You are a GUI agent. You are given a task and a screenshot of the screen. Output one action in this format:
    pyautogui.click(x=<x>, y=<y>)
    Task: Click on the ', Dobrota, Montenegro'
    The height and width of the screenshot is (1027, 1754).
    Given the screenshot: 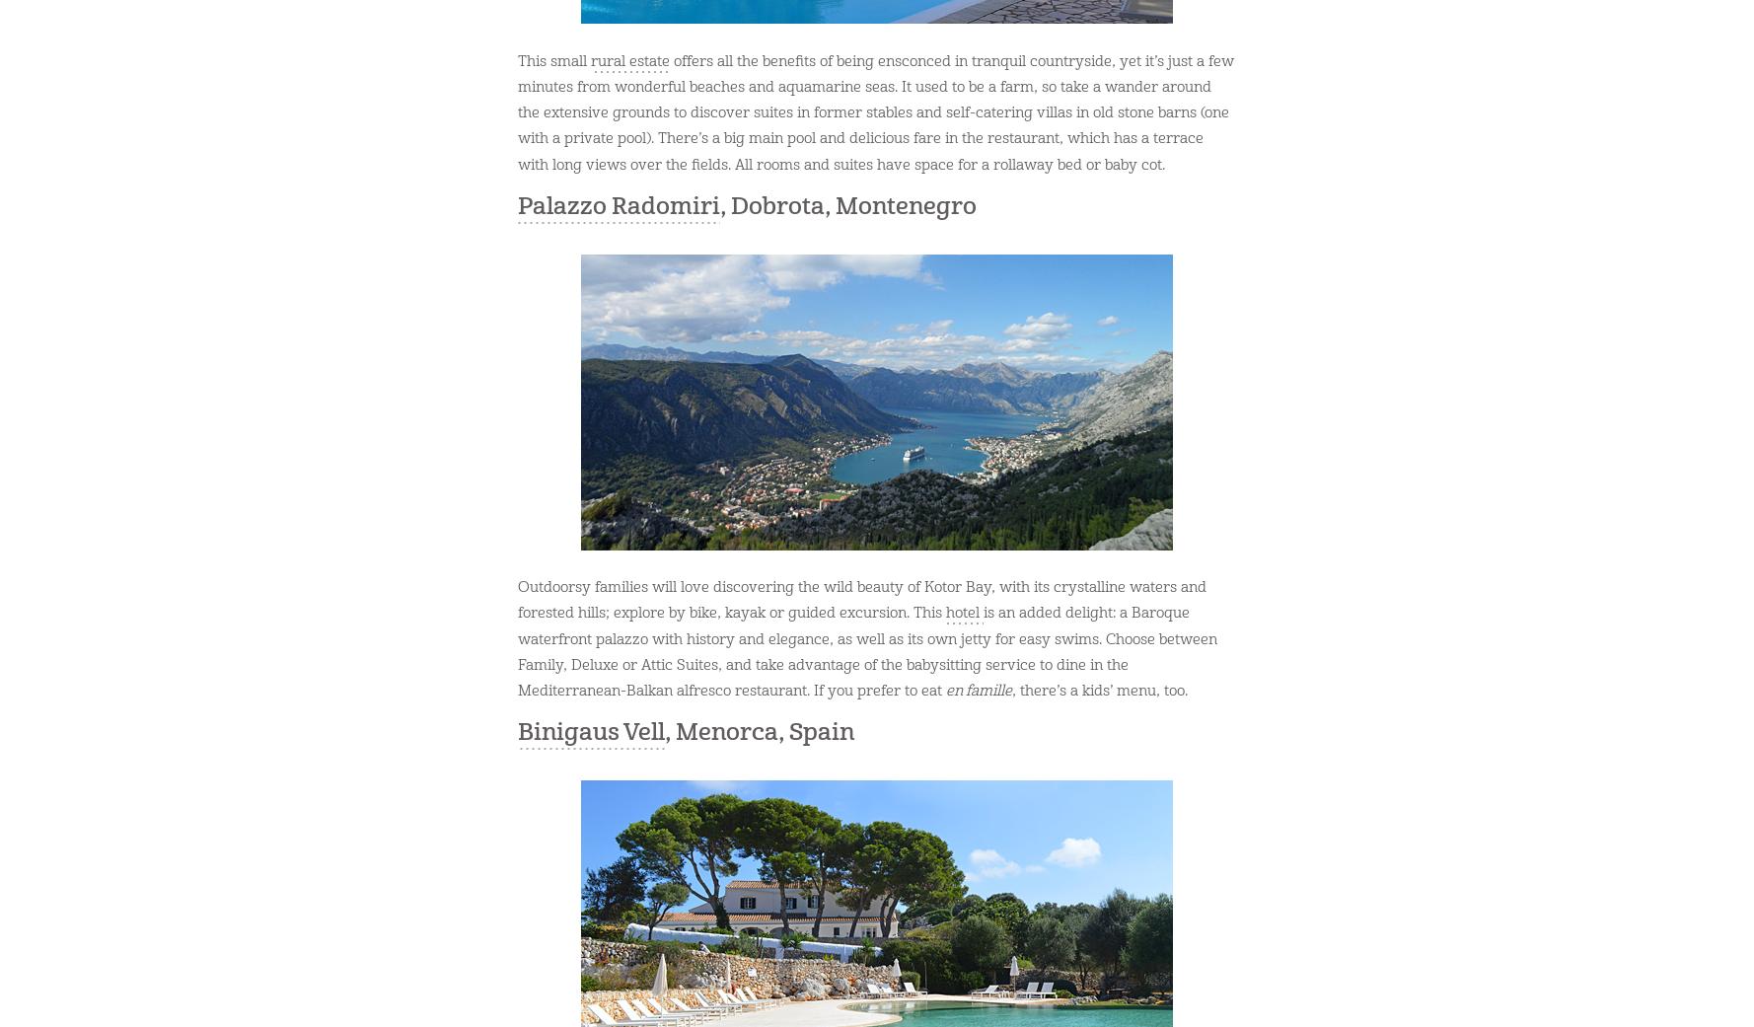 What is the action you would take?
    pyautogui.click(x=847, y=205)
    